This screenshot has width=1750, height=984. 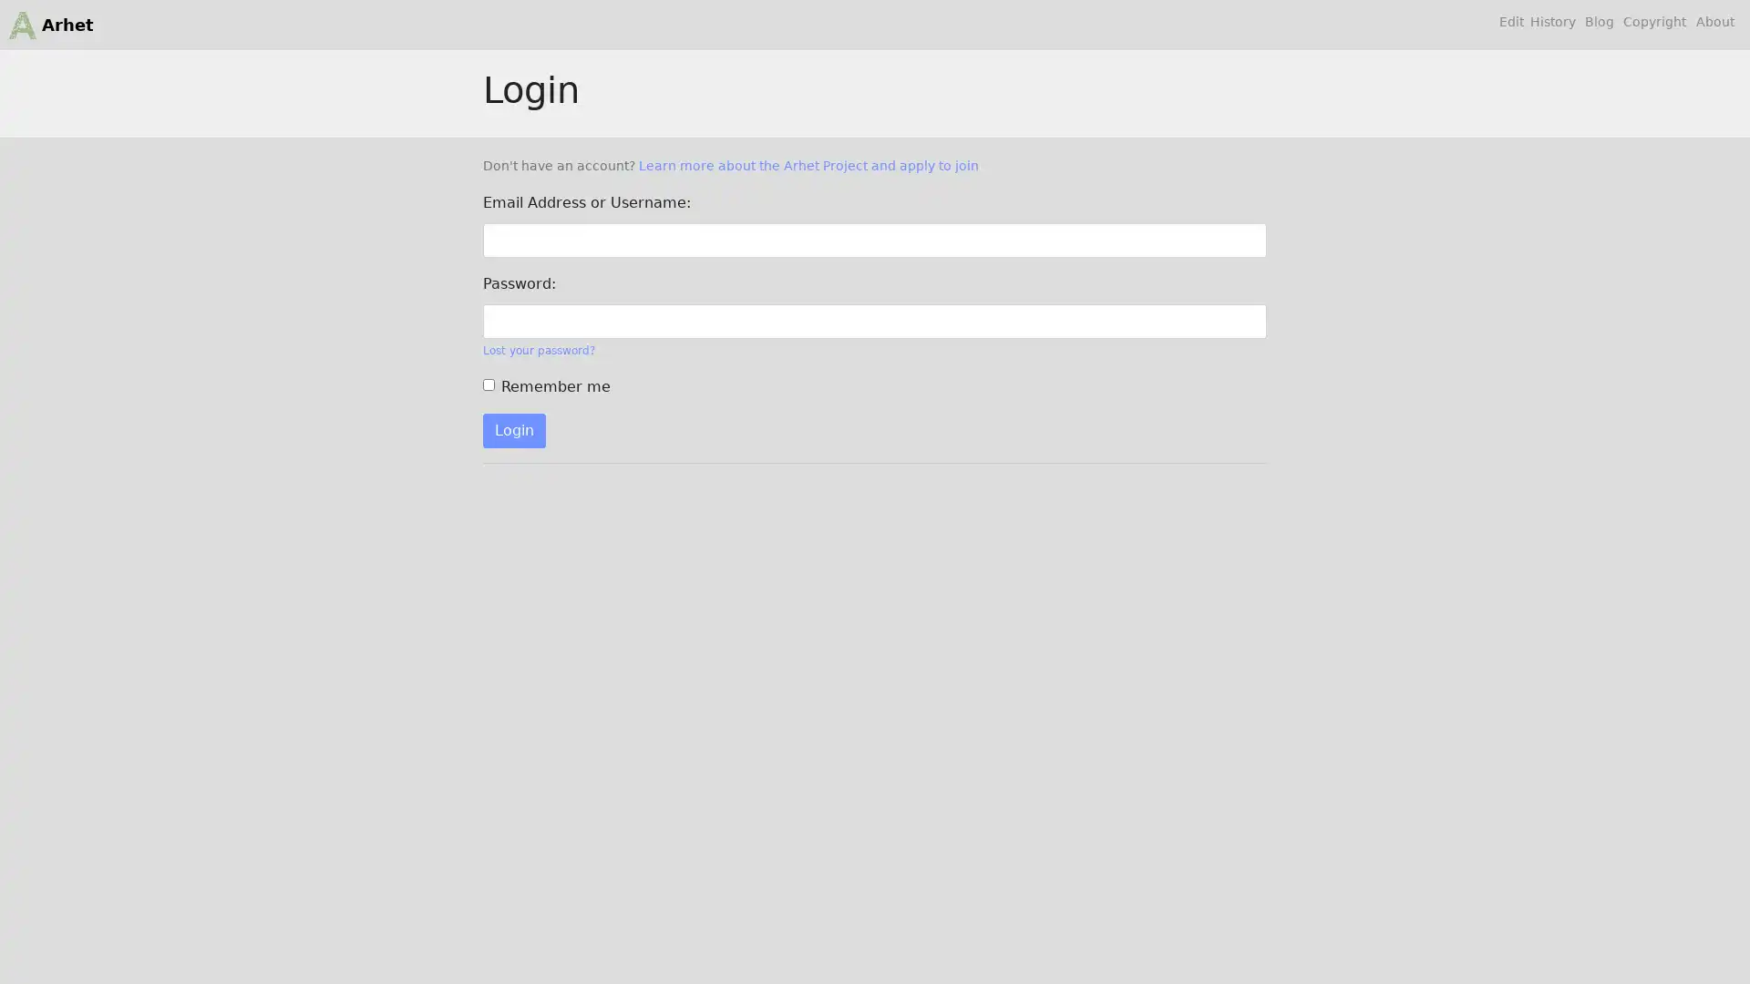 I want to click on Login, so click(x=513, y=431).